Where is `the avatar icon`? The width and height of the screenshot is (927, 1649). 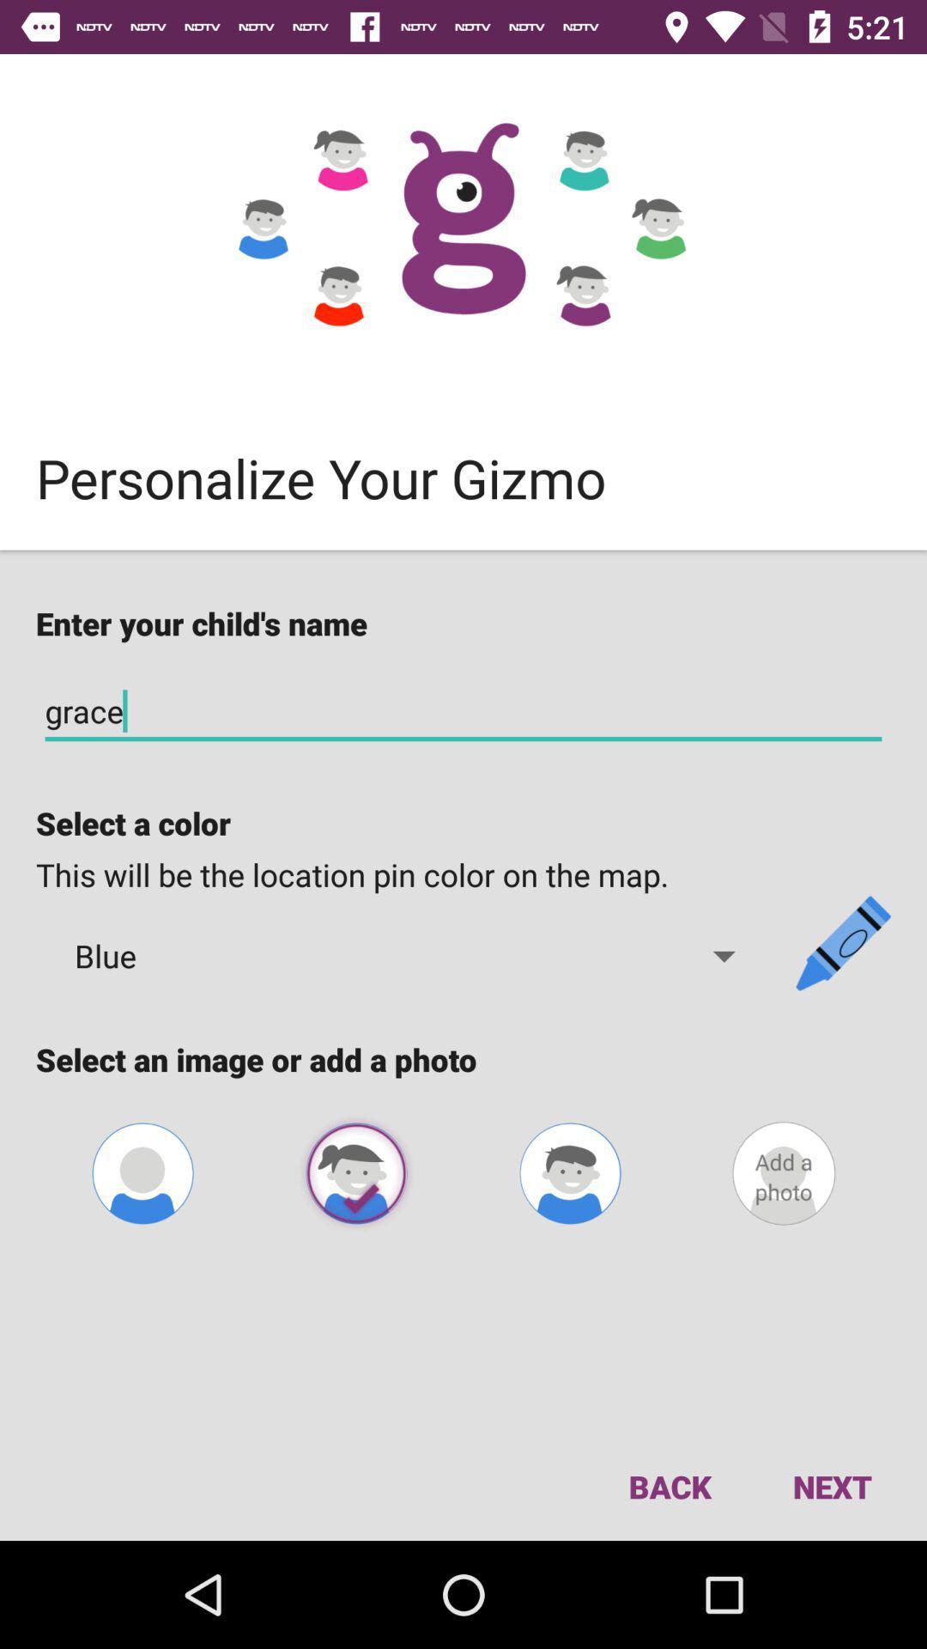
the avatar icon is located at coordinates (570, 1172).